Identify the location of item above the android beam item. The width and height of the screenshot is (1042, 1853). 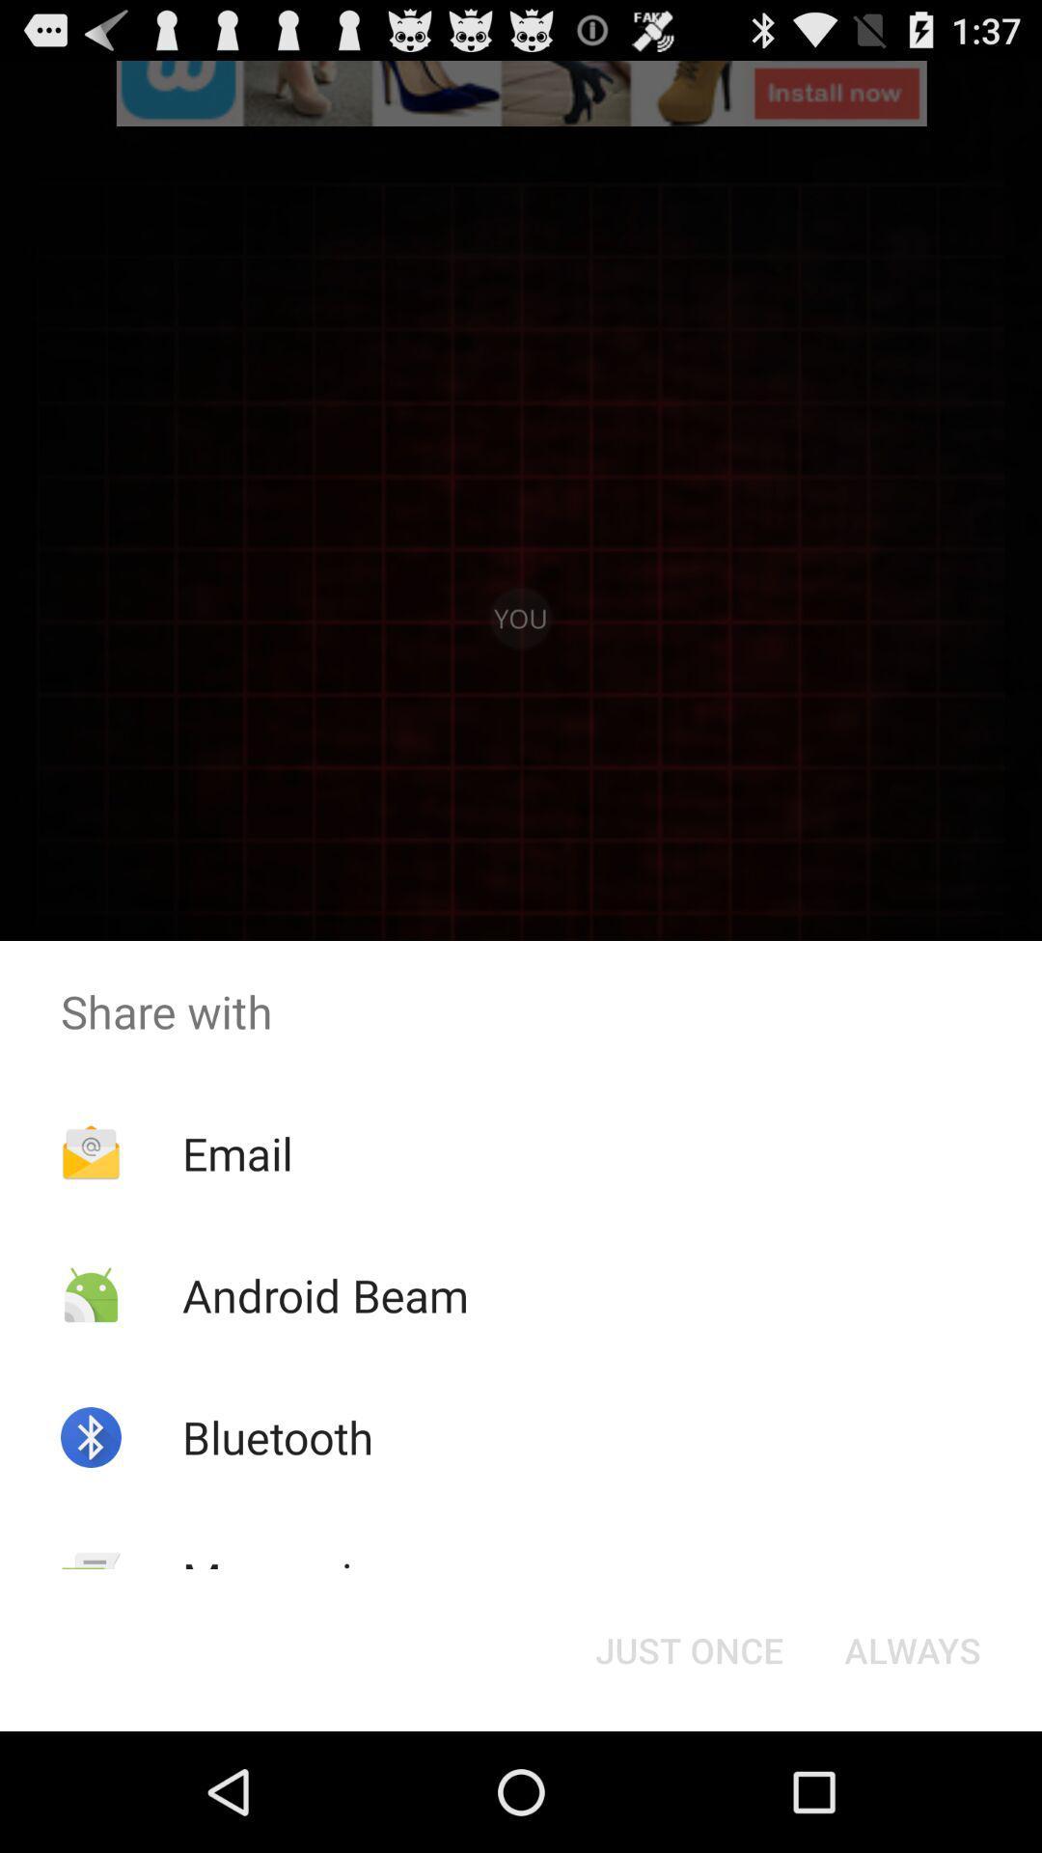
(236, 1153).